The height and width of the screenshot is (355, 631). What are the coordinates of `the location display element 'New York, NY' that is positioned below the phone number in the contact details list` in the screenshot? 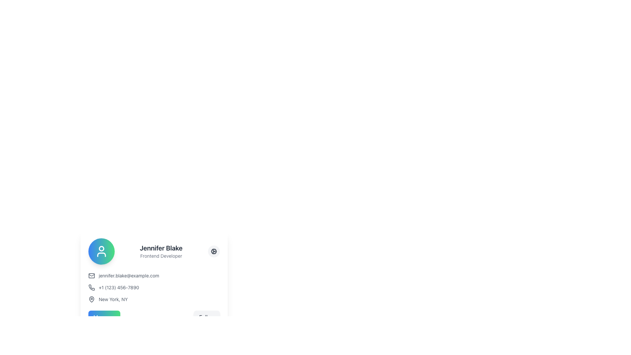 It's located at (153, 299).